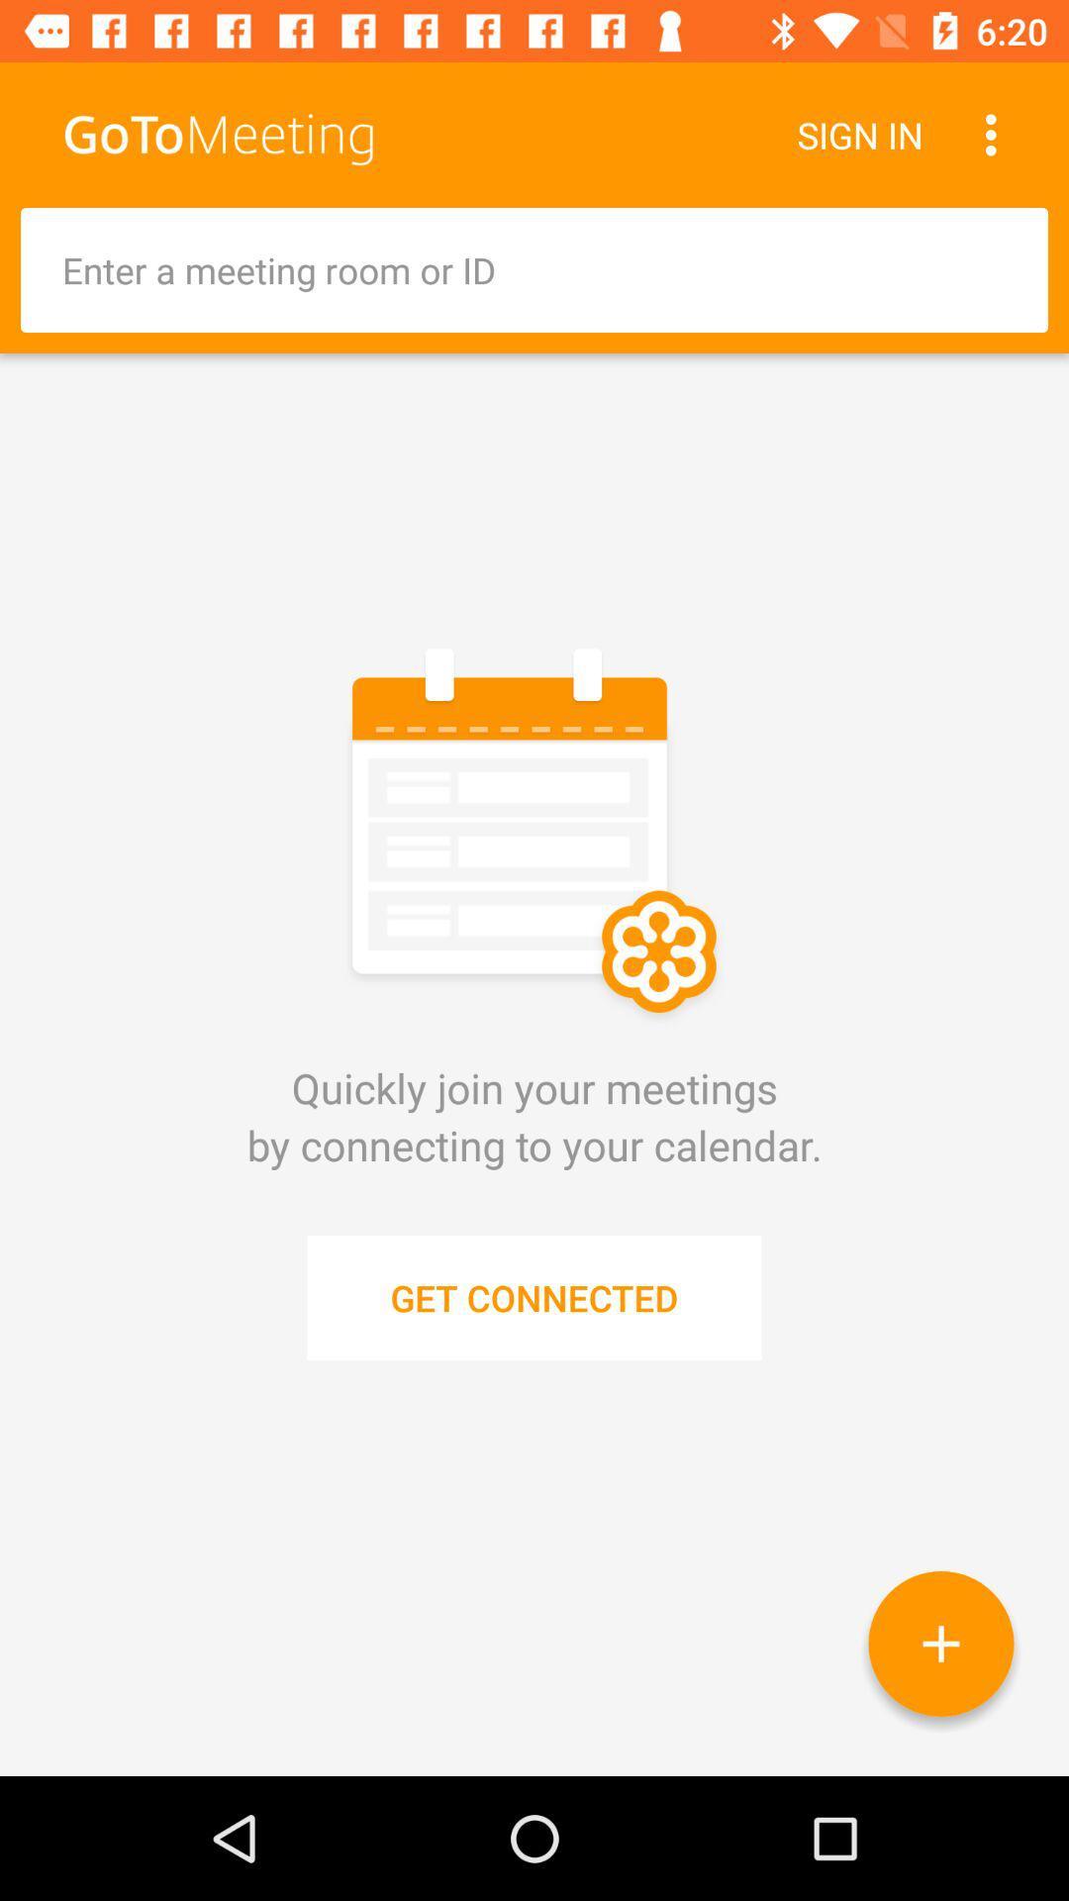 The image size is (1069, 1901). Describe the element at coordinates (534, 269) in the screenshot. I see `meeting room or i.d` at that location.